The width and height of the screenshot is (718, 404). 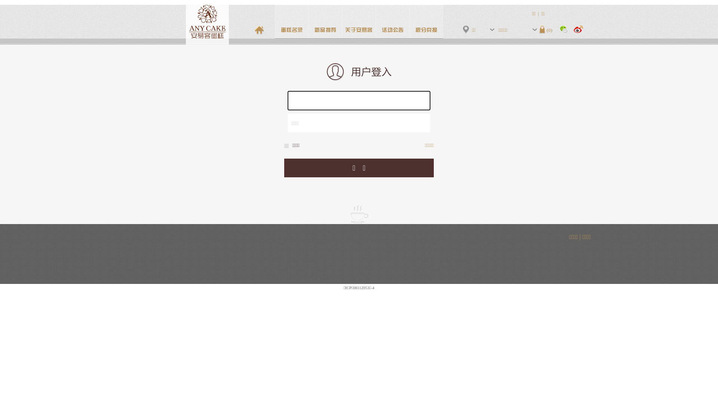 I want to click on '(0)', so click(x=546, y=29).